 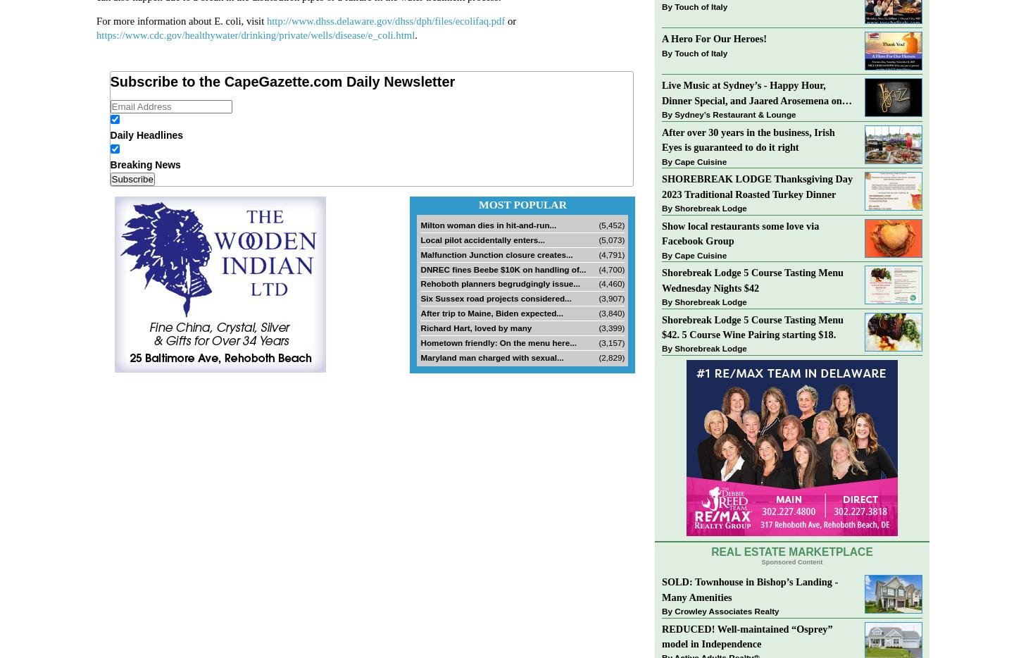 What do you see at coordinates (610, 313) in the screenshot?
I see `'(3,840)'` at bounding box center [610, 313].